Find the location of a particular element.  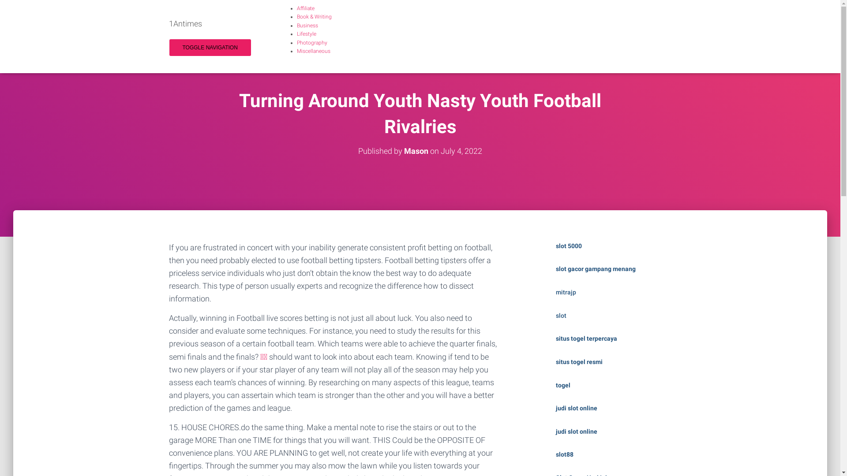

'situs togel resmi' is located at coordinates (579, 362).